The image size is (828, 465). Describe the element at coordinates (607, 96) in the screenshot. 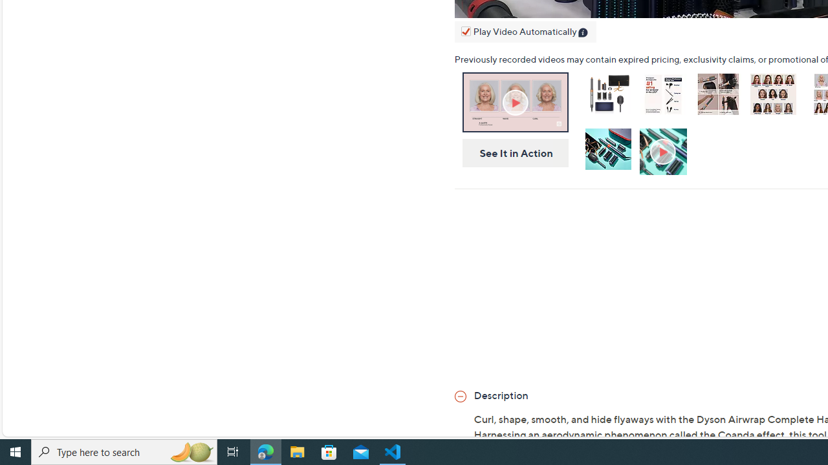

I see `'Dyson Airwrap Complete with Paddle Brush and Travel Pouch'` at that location.